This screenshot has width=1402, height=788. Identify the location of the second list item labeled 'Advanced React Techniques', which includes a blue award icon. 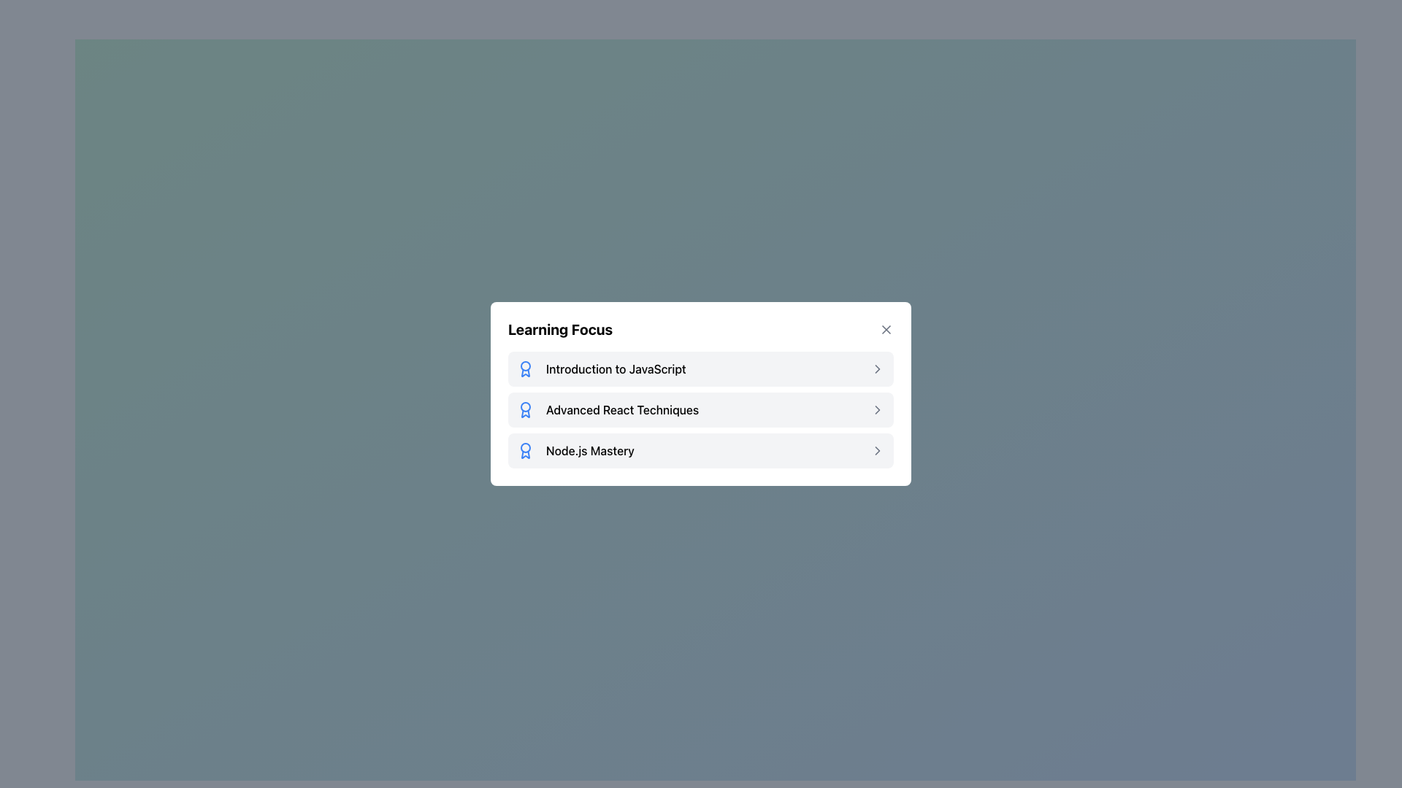
(608, 410).